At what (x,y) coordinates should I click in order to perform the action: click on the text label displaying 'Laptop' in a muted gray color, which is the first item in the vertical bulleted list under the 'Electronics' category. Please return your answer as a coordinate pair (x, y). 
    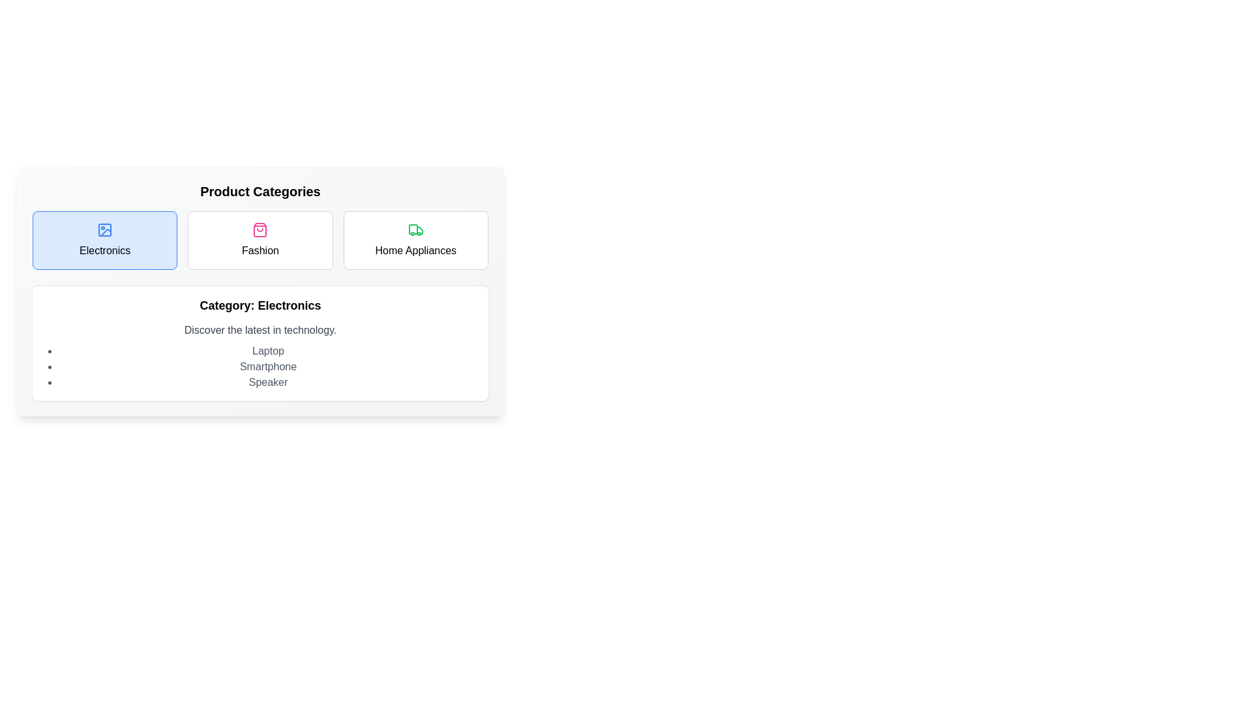
    Looking at the image, I should click on (267, 351).